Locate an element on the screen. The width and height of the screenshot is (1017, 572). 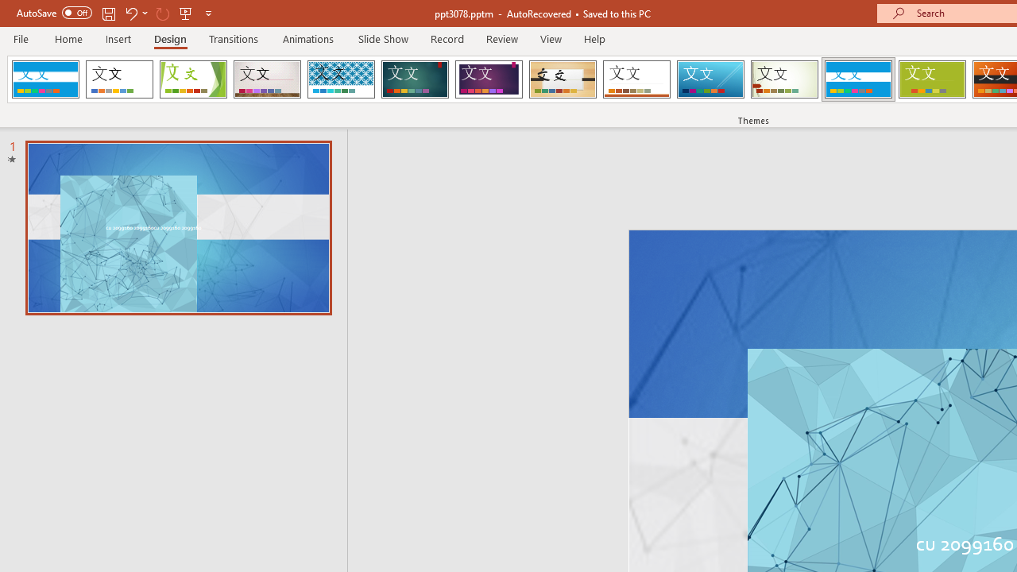
'Basis' is located at coordinates (932, 79).